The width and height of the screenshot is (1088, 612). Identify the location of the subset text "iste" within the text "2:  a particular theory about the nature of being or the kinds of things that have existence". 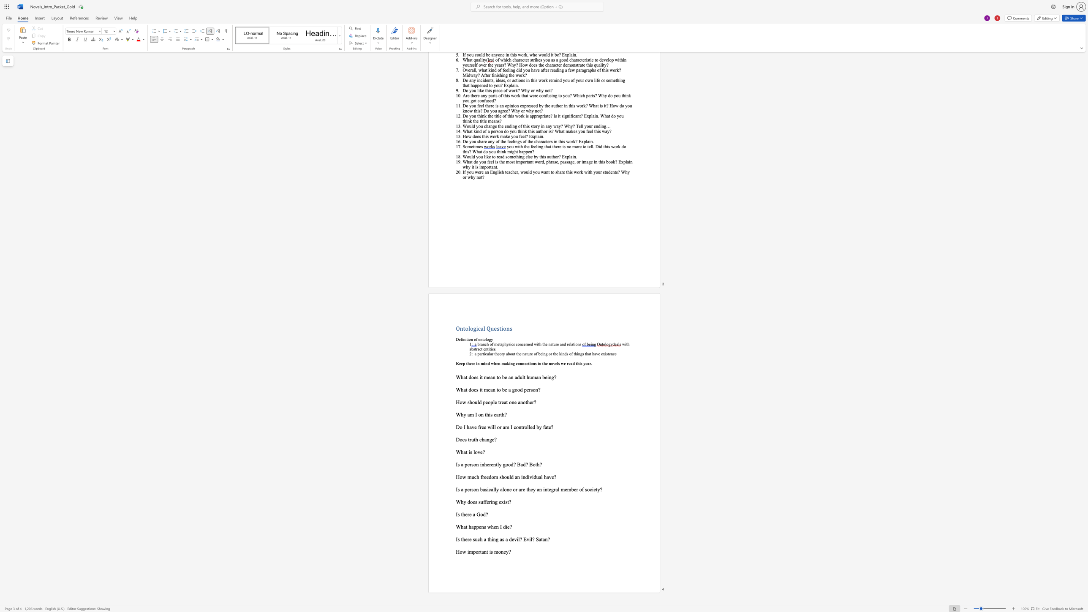
(605, 353).